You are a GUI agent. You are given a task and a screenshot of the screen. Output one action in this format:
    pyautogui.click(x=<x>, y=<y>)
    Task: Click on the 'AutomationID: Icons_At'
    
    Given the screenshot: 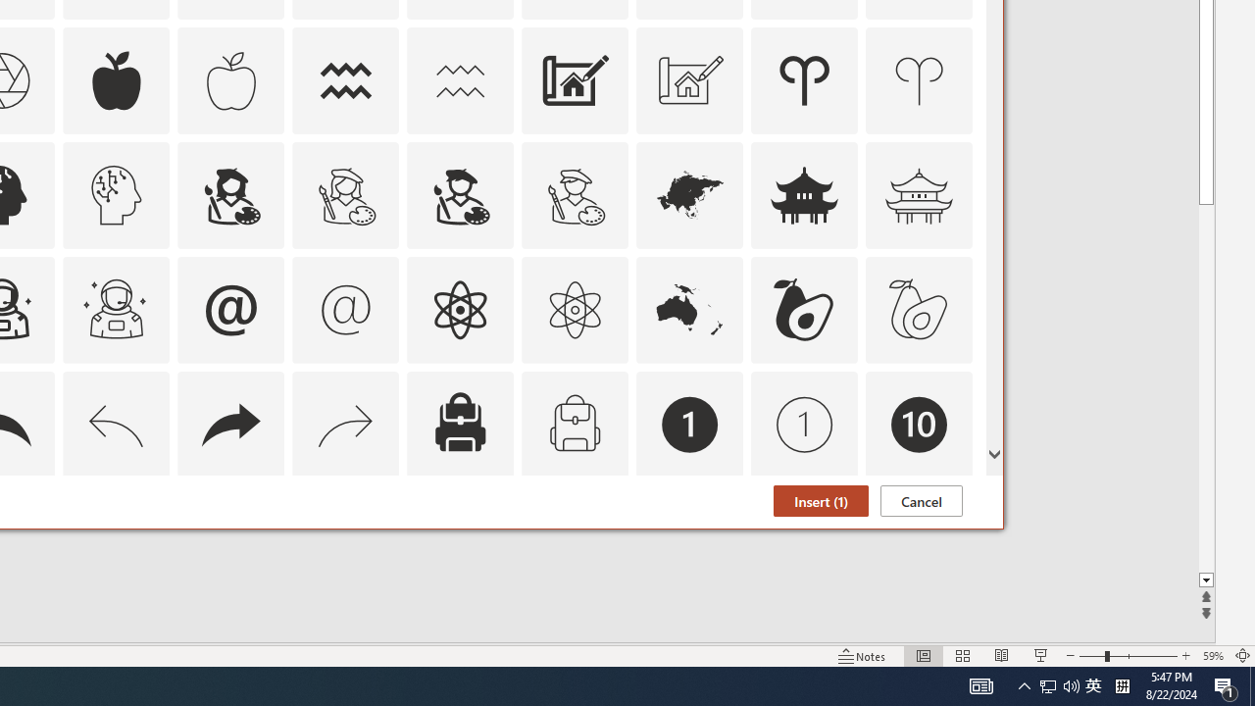 What is the action you would take?
    pyautogui.click(x=230, y=309)
    